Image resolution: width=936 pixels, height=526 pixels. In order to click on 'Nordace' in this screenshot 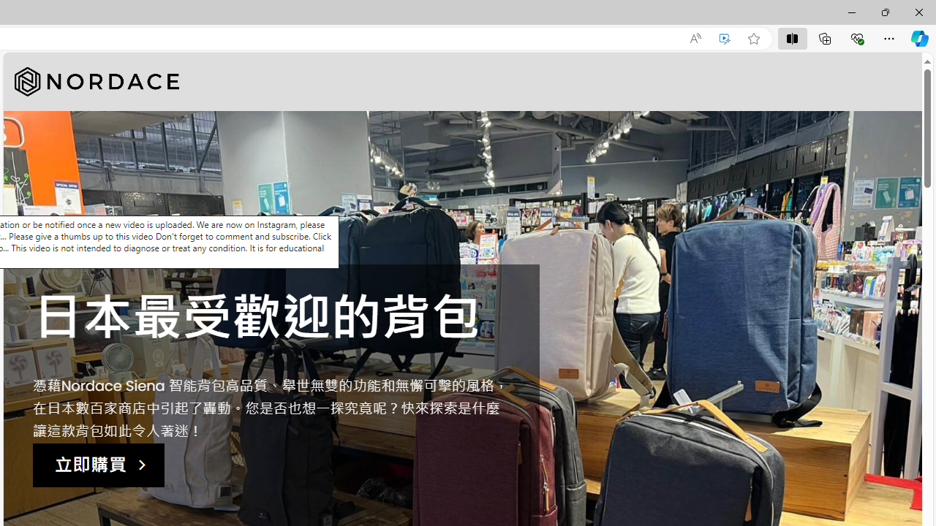, I will do `click(97, 81)`.